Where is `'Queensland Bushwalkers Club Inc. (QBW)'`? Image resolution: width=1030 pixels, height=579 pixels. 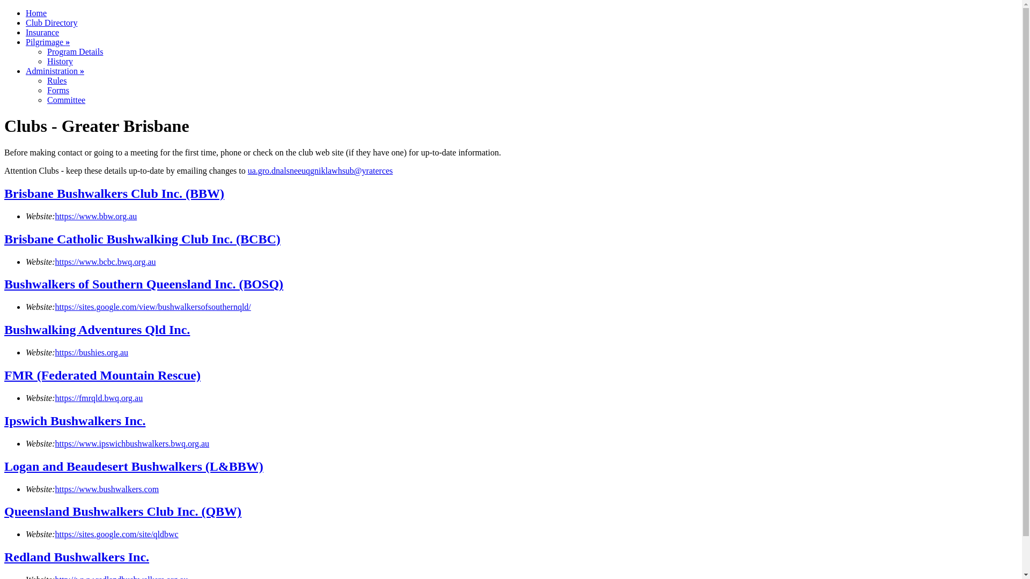 'Queensland Bushwalkers Club Inc. (QBW)' is located at coordinates (123, 510).